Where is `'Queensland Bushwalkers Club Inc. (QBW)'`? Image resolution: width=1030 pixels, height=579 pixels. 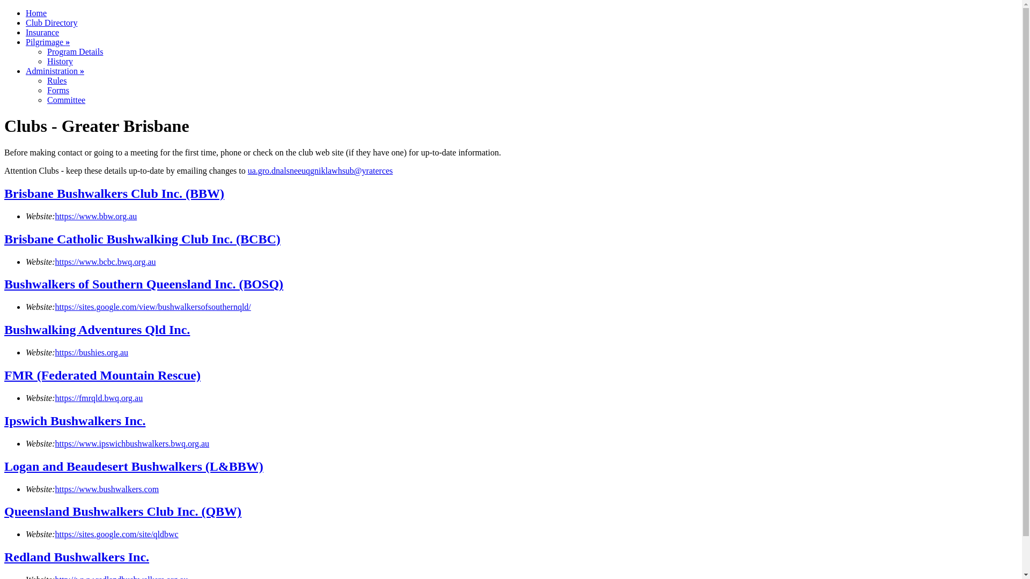 'Queensland Bushwalkers Club Inc. (QBW)' is located at coordinates (123, 510).